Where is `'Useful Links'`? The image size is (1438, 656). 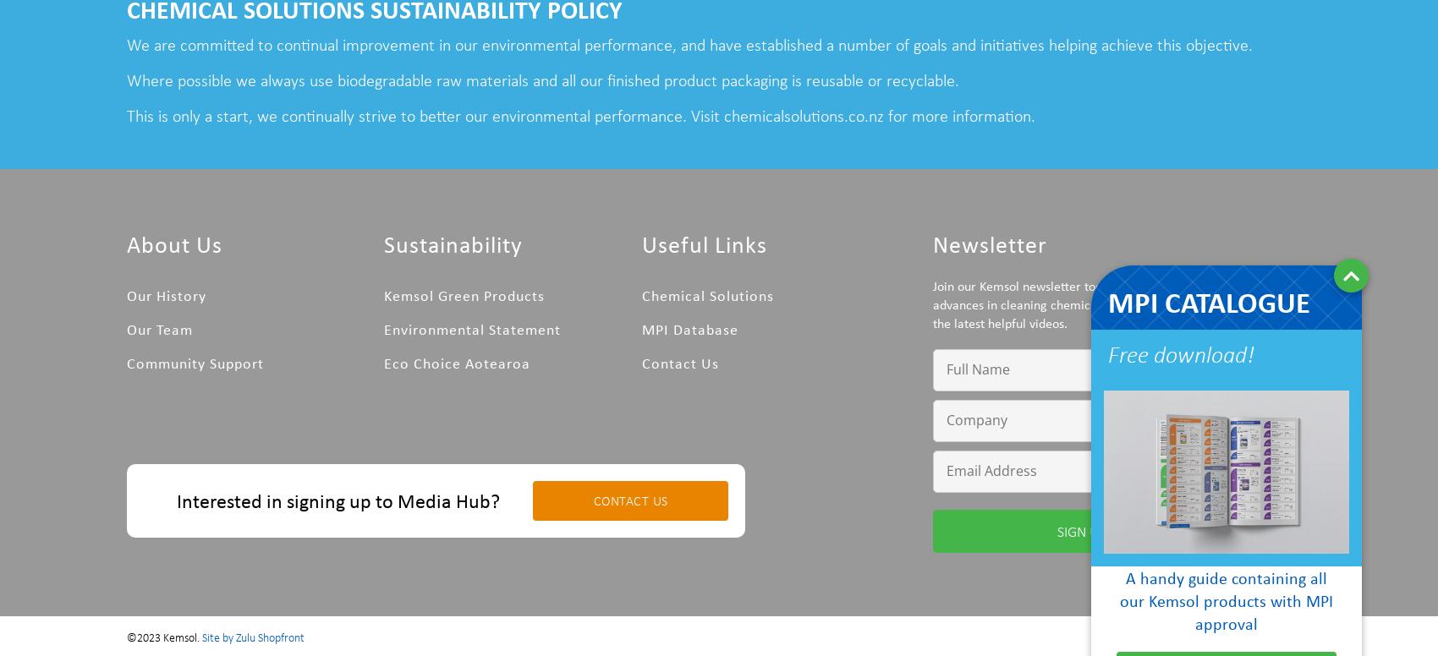
'Useful Links' is located at coordinates (702, 242).